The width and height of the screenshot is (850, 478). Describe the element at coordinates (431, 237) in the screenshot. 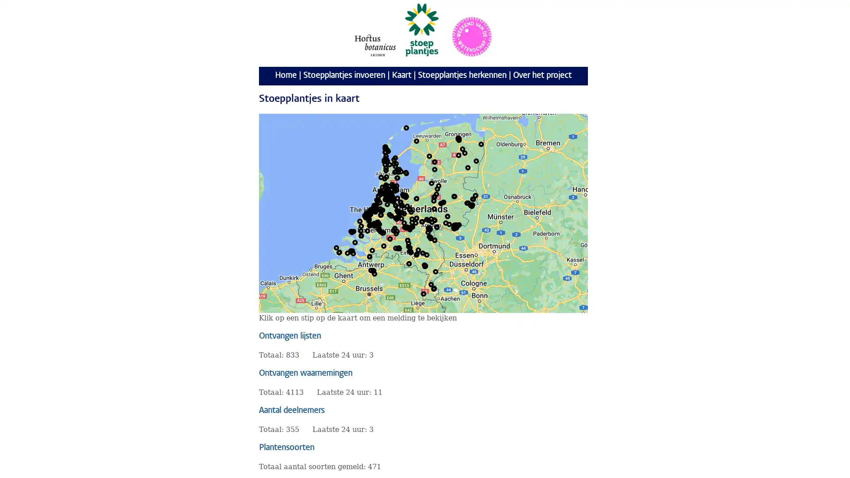

I see `Telling van Iris op 04 december 2021` at that location.